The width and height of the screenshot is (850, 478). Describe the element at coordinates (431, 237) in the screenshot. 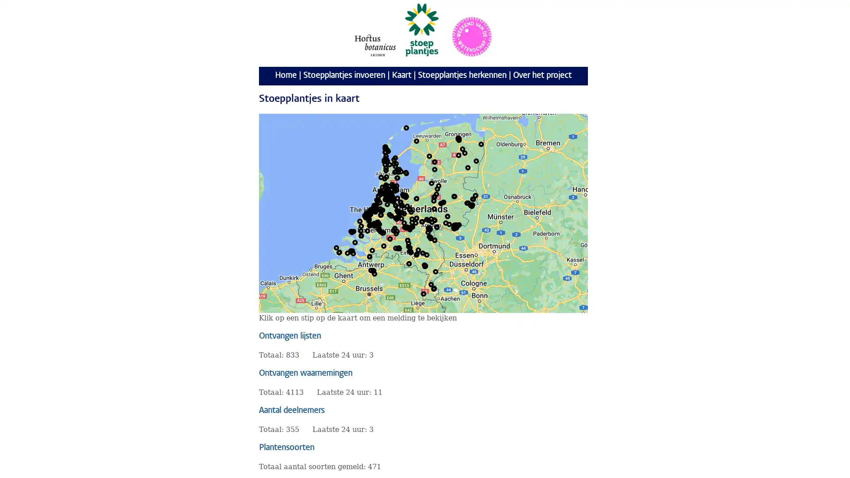

I see `Telling van Iris op 04 december 2021` at that location.